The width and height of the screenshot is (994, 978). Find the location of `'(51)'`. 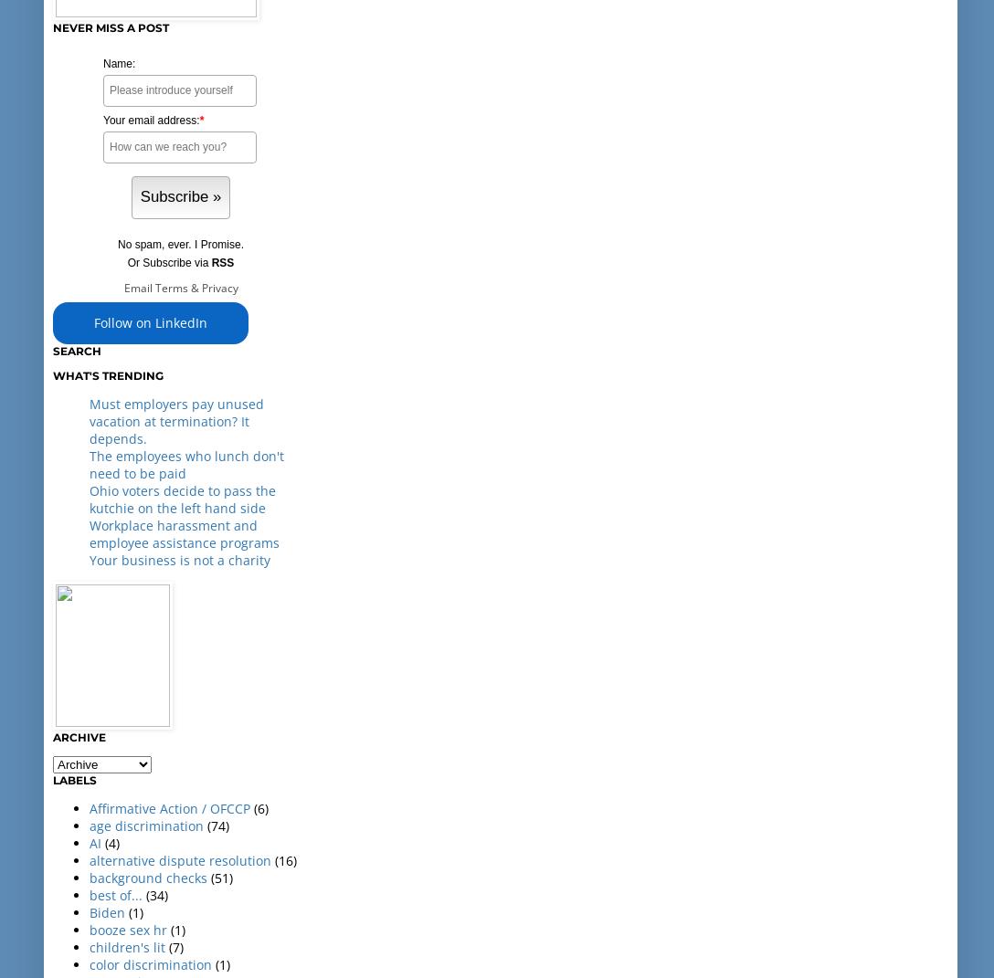

'(51)' is located at coordinates (220, 876).